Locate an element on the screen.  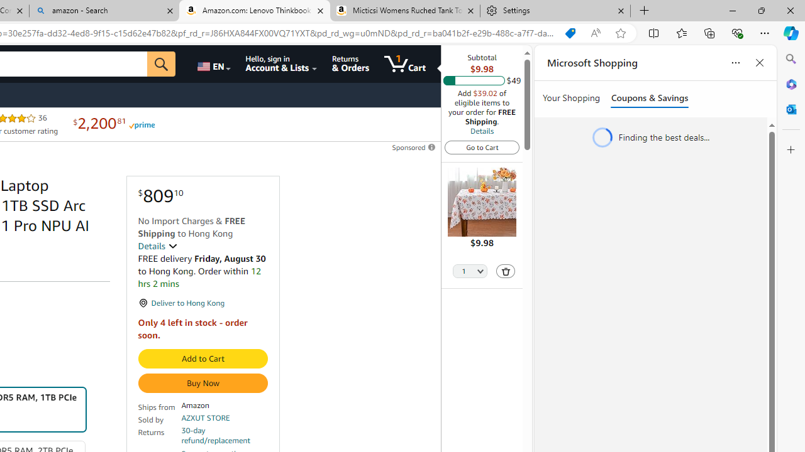
'Returns & Orders' is located at coordinates (350, 63).